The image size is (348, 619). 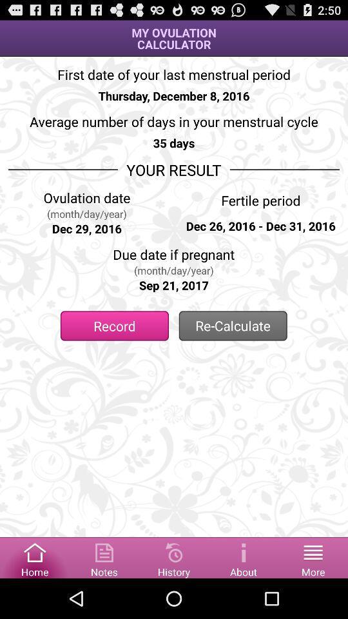 I want to click on notepad button, so click(x=104, y=556).